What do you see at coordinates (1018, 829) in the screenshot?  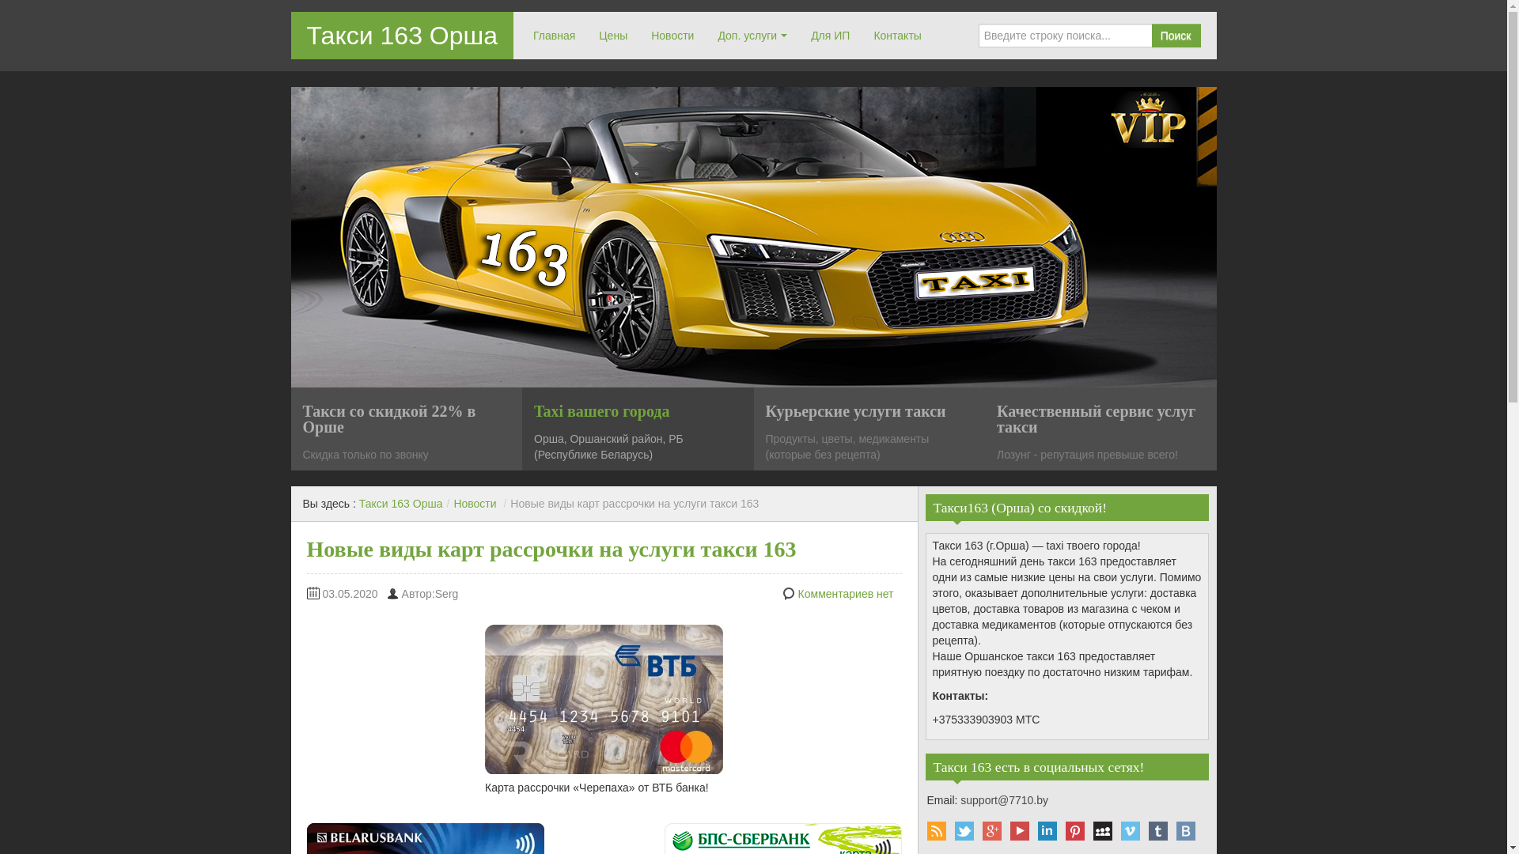 I see `'YouTube'` at bounding box center [1018, 829].